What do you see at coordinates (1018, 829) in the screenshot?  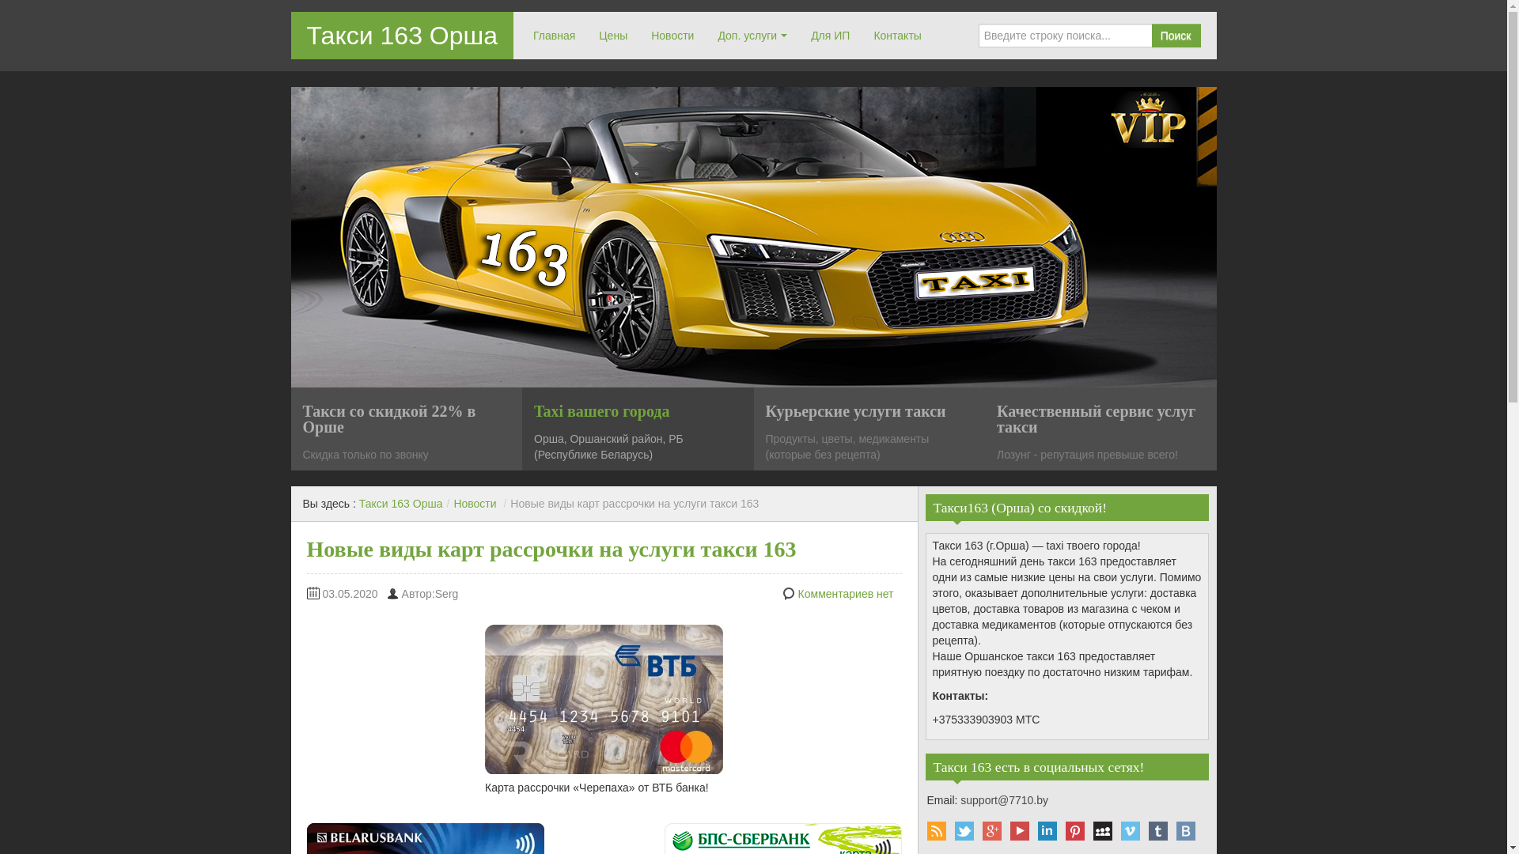 I see `'YouTube'` at bounding box center [1018, 829].